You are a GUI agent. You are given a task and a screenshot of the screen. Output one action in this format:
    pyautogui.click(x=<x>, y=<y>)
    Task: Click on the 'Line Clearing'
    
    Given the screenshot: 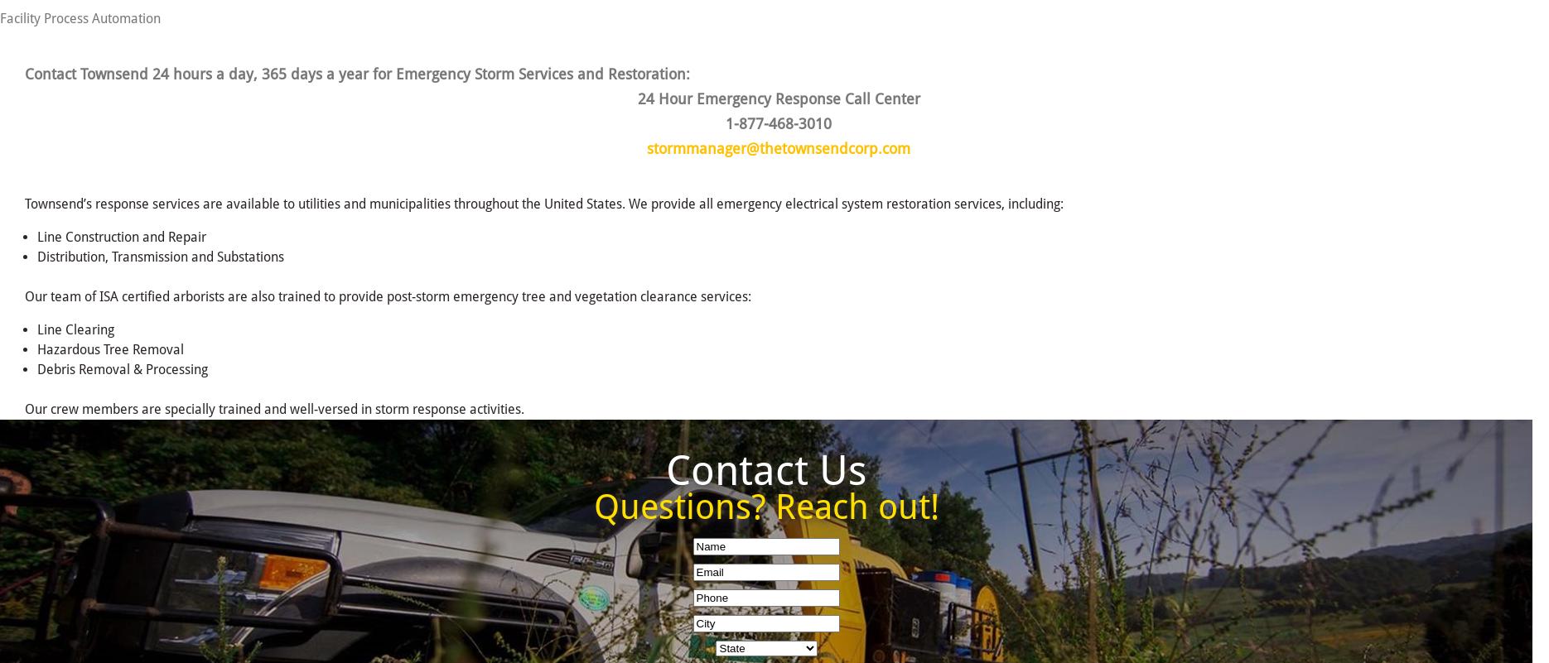 What is the action you would take?
    pyautogui.click(x=75, y=329)
    